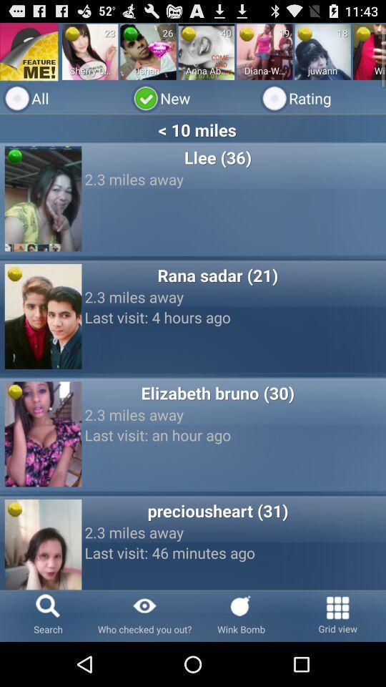 The width and height of the screenshot is (386, 687). What do you see at coordinates (144, 615) in the screenshot?
I see `the icon to the right of the search` at bounding box center [144, 615].